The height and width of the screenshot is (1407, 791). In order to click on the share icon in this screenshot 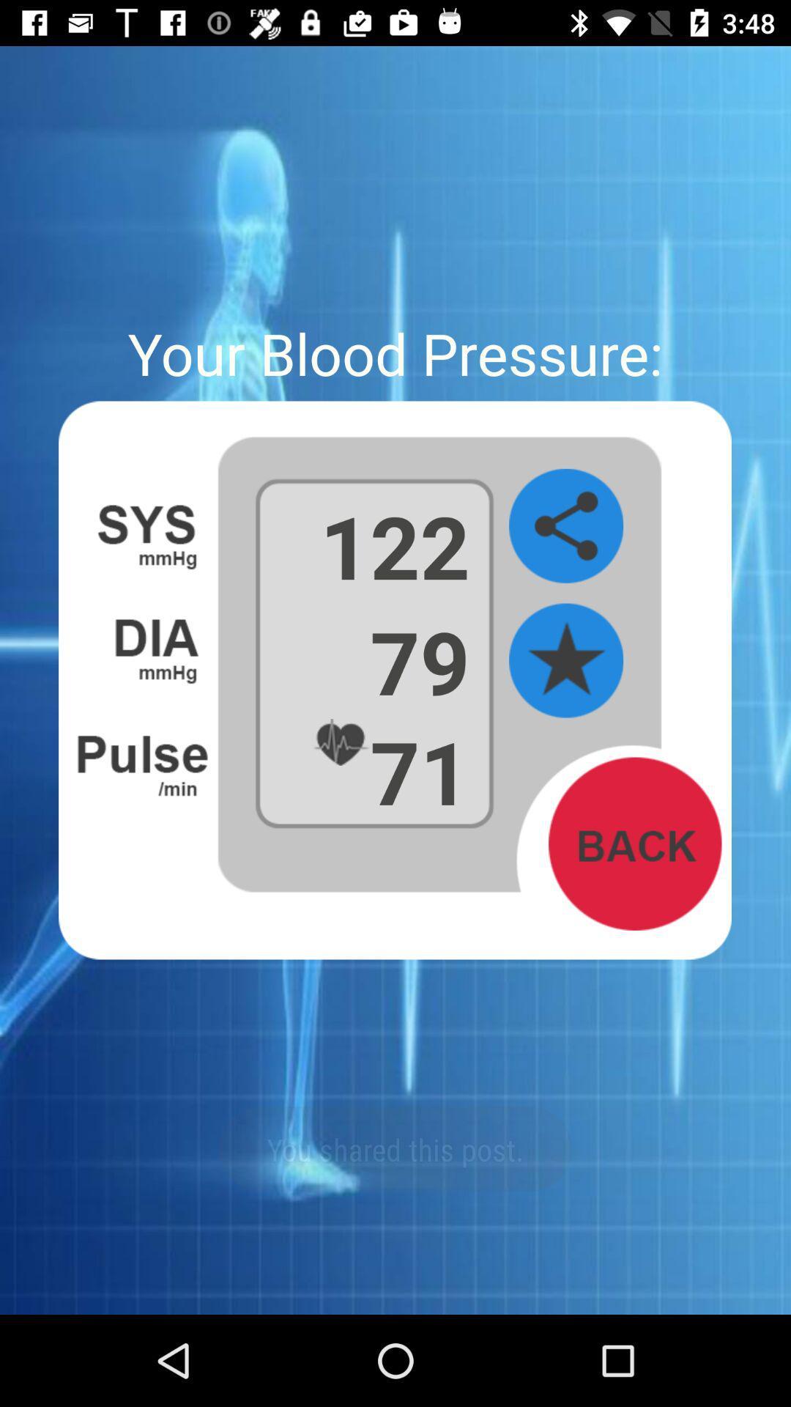, I will do `click(565, 526)`.